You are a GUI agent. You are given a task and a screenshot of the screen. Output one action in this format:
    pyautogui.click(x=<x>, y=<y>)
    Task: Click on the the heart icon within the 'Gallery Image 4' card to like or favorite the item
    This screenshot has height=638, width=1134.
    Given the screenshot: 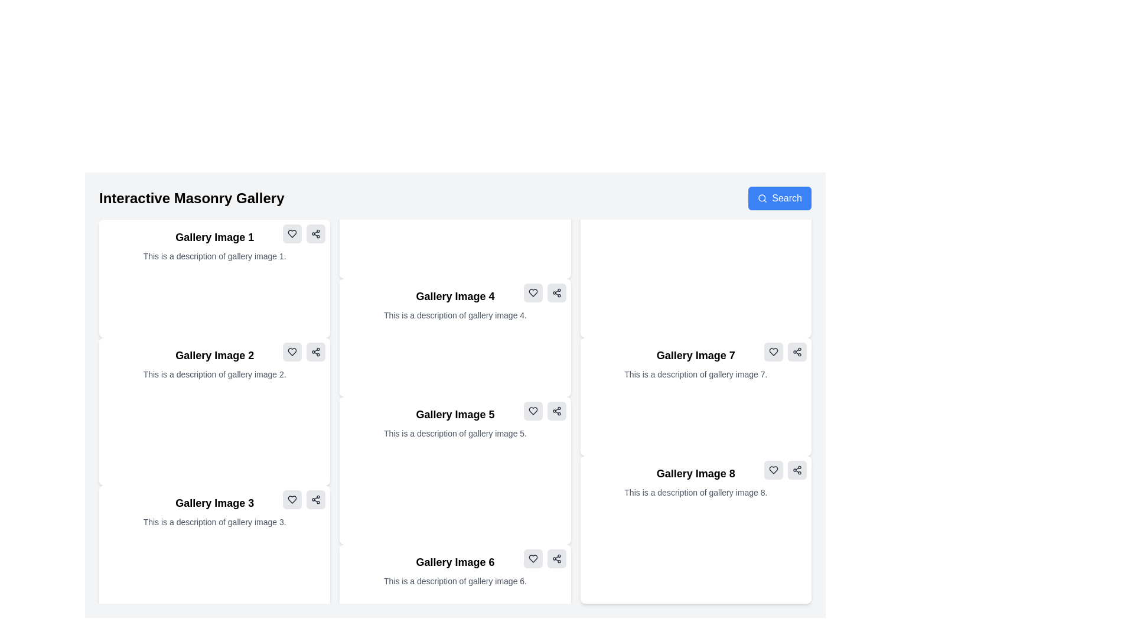 What is the action you would take?
    pyautogui.click(x=532, y=292)
    